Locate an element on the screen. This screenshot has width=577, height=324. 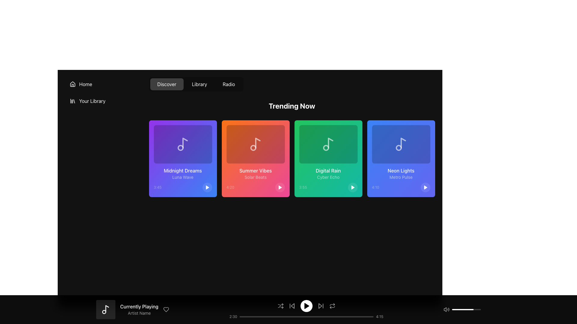
the slider value is located at coordinates (468, 310).